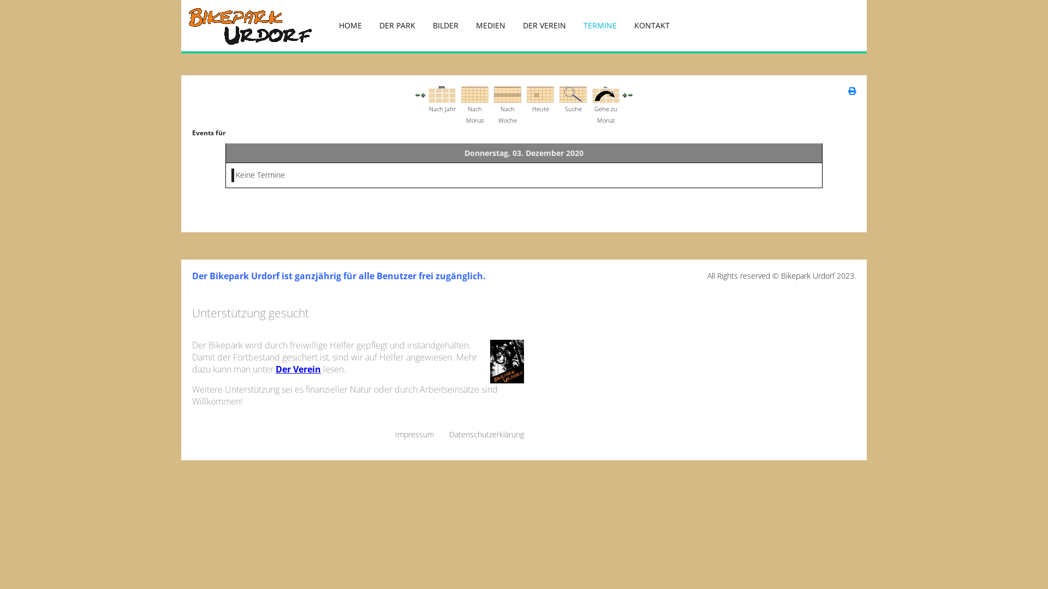 The width and height of the screenshot is (1048, 589). What do you see at coordinates (540, 93) in the screenshot?
I see `'Heute'` at bounding box center [540, 93].